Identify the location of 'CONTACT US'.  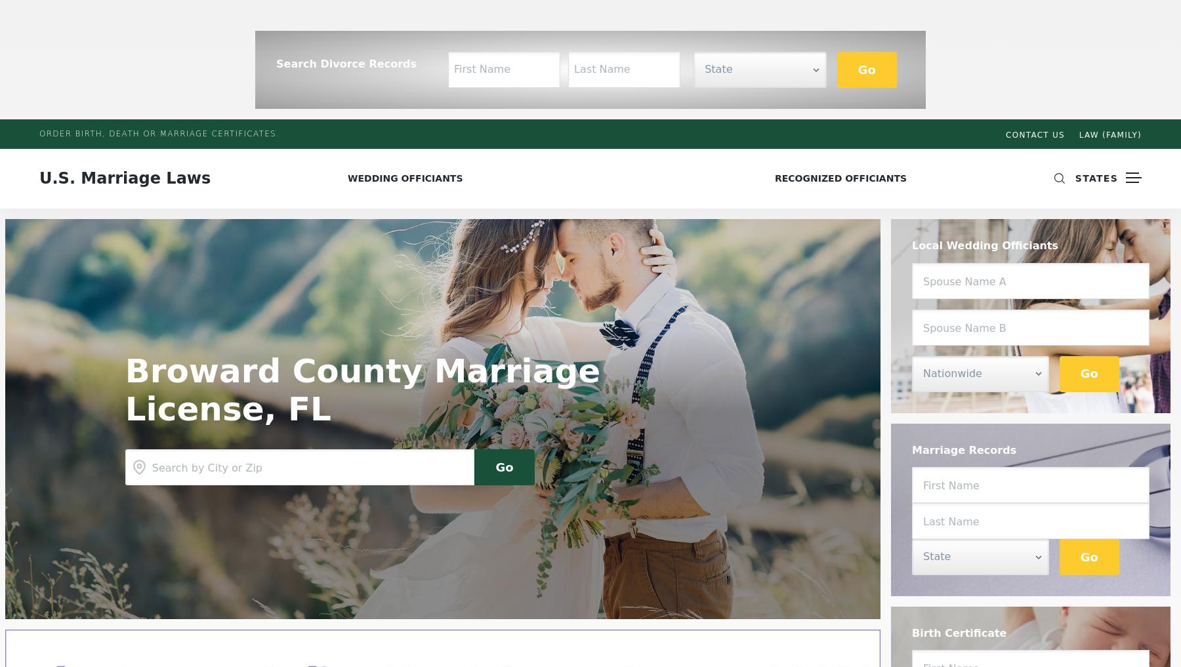
(1006, 135).